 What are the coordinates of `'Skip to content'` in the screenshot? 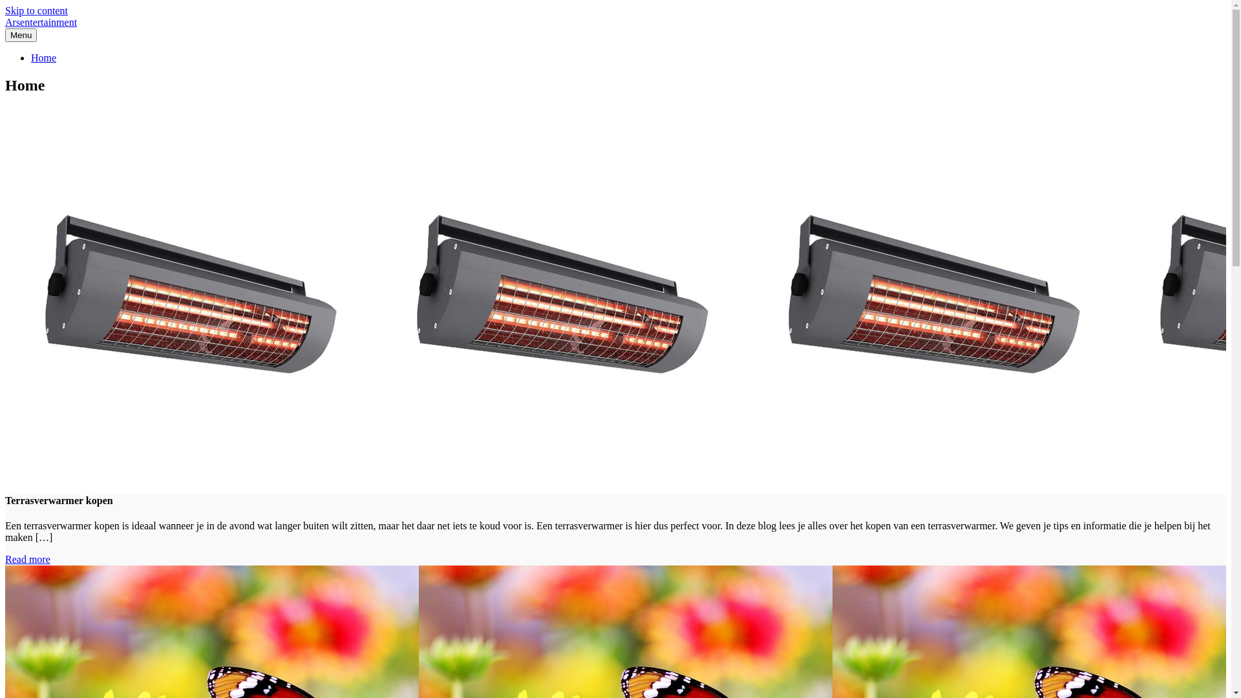 It's located at (5, 10).